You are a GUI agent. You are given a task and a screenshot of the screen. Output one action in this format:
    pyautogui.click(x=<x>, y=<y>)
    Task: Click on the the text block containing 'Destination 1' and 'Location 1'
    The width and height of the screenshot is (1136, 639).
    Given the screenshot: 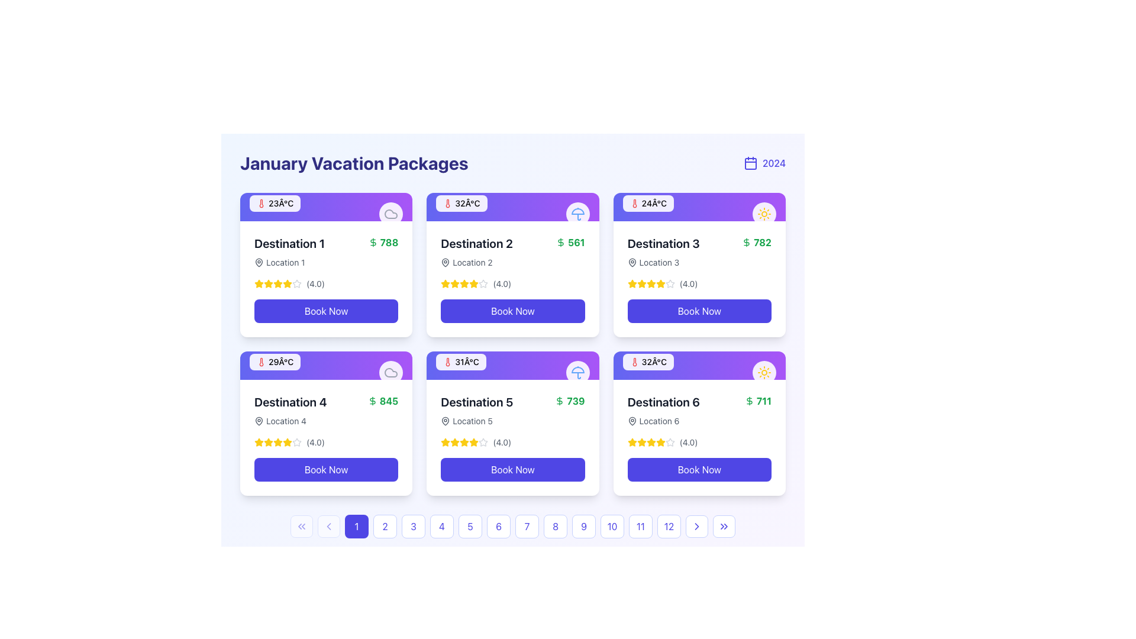 What is the action you would take?
    pyautogui.click(x=289, y=251)
    